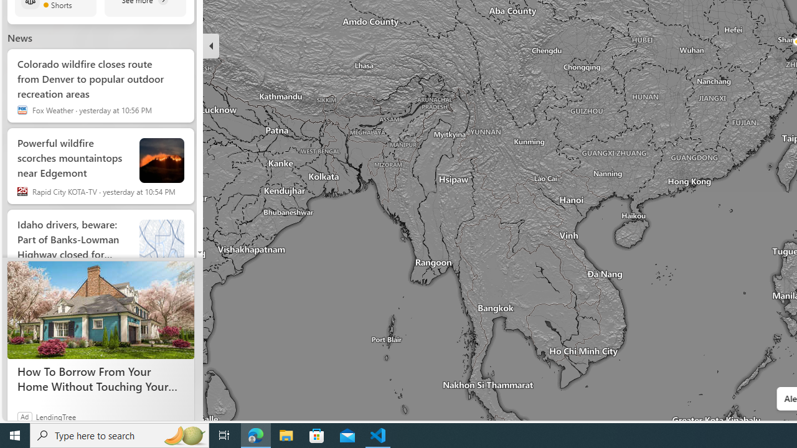 The width and height of the screenshot is (797, 448). I want to click on 'Rapid City KOTA-TV', so click(22, 192).